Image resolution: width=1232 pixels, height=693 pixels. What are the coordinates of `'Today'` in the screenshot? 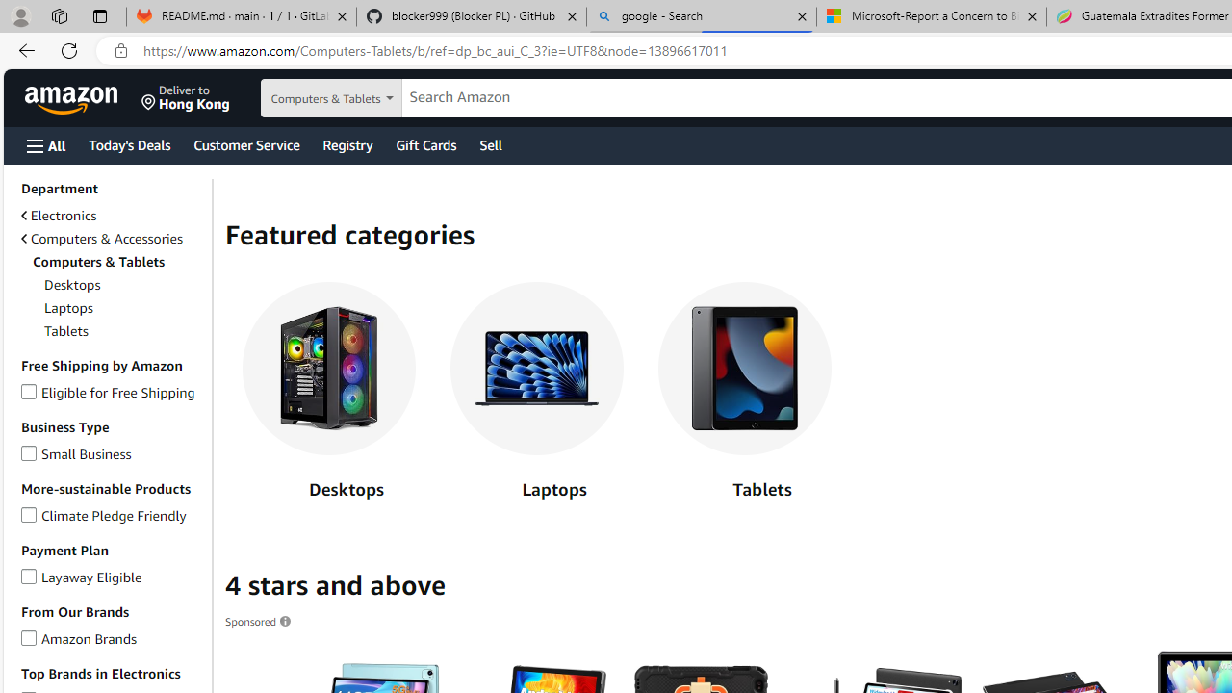 It's located at (128, 143).